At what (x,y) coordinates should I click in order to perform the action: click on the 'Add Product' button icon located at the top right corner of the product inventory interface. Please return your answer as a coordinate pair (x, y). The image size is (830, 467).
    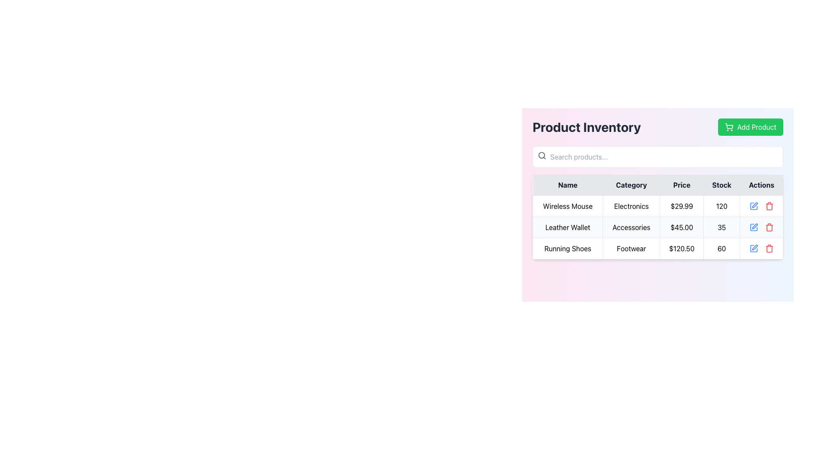
    Looking at the image, I should click on (729, 126).